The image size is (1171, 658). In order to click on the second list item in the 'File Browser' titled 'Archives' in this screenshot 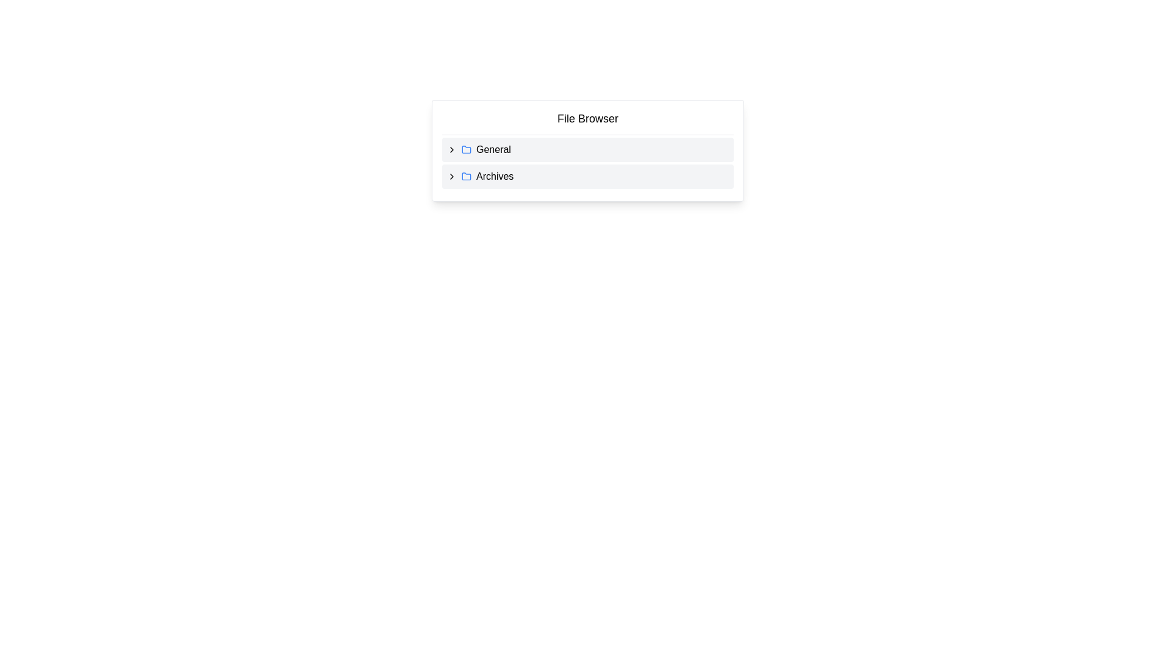, I will do `click(588, 176)`.